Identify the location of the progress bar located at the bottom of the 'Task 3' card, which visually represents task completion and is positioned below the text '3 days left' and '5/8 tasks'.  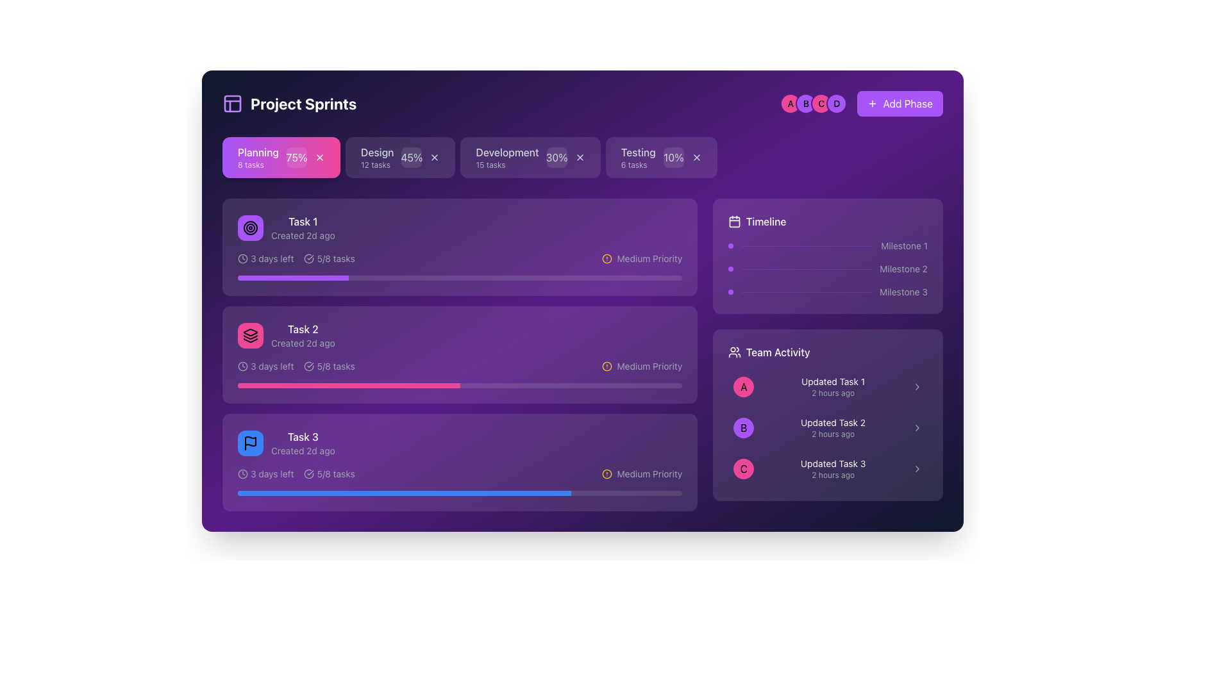
(460, 493).